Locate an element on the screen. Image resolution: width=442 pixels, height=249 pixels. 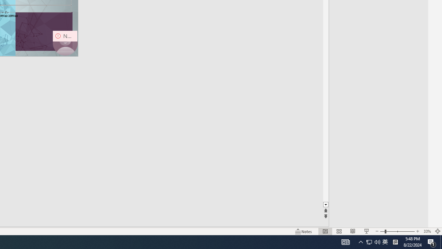
'Zoom to Fit ' is located at coordinates (437, 231).